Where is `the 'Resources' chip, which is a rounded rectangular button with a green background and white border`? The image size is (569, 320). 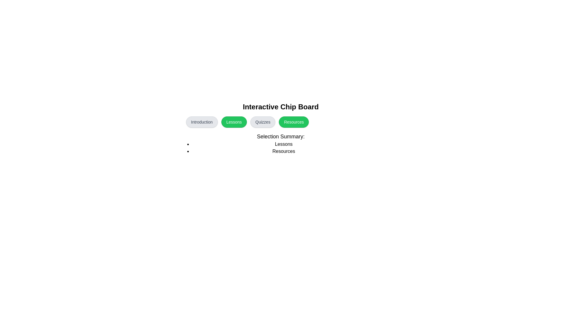
the 'Resources' chip, which is a rounded rectangular button with a green background and white border is located at coordinates (280, 128).